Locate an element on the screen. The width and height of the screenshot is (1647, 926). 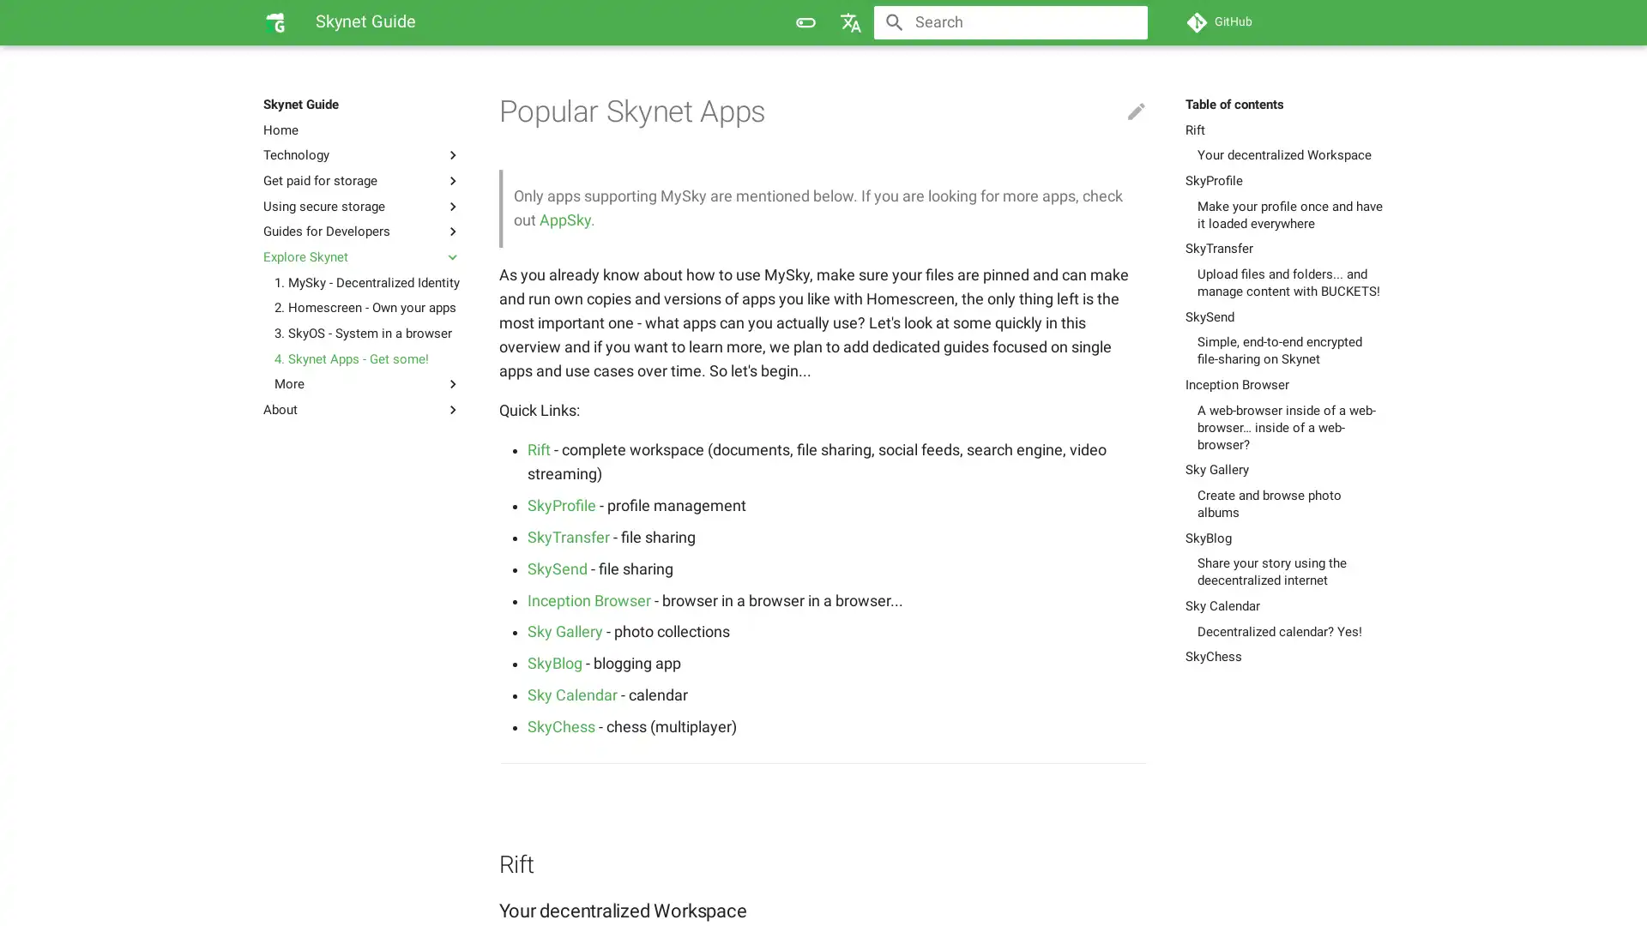
Clear is located at coordinates (1127, 22).